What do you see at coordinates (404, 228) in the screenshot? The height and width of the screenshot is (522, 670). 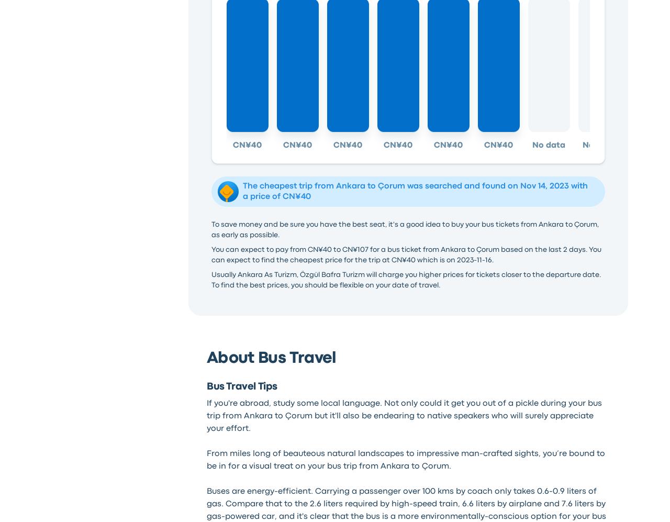 I see `'To save money and be sure you have the best seat, it's a good idea to buy your bus tickets from Ankara to Çorum, as early as possible.'` at bounding box center [404, 228].